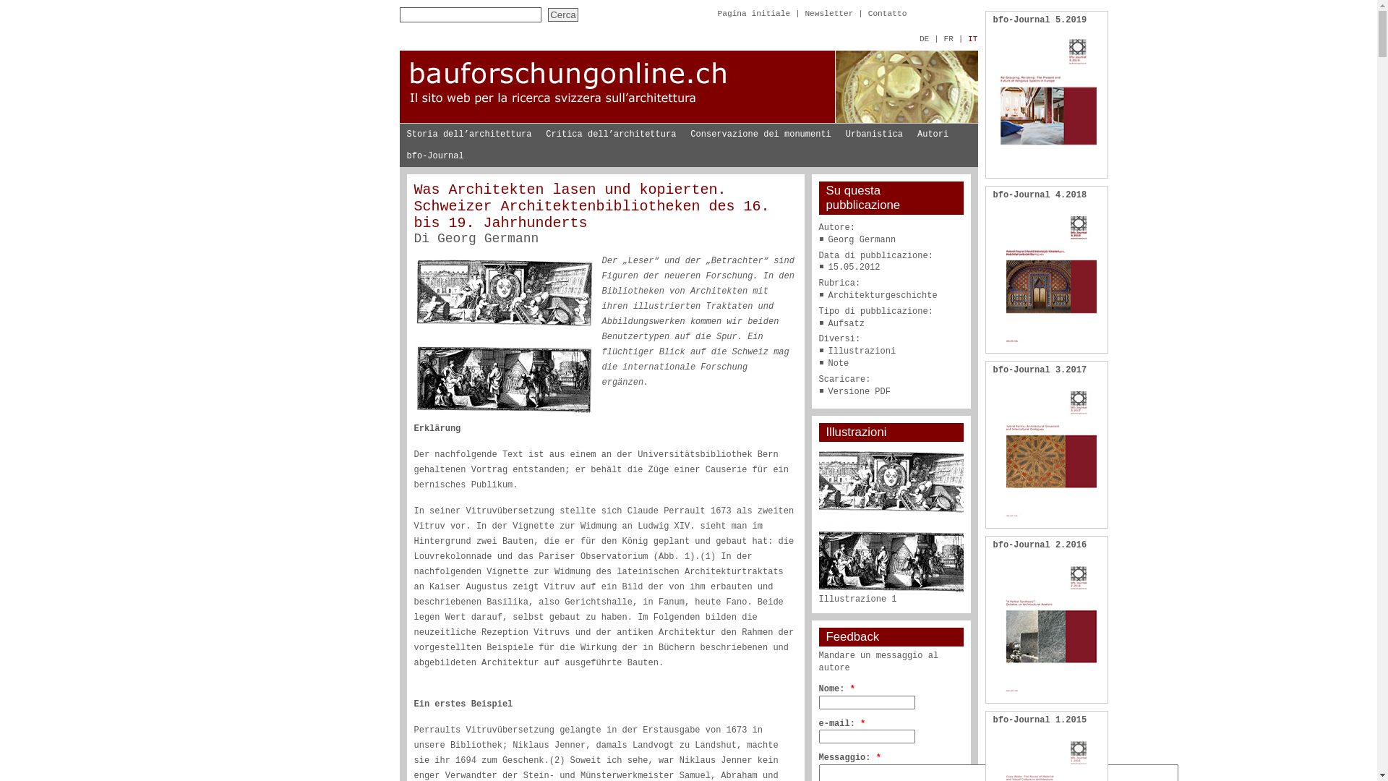  Describe the element at coordinates (972, 38) in the screenshot. I see `'IT'` at that location.